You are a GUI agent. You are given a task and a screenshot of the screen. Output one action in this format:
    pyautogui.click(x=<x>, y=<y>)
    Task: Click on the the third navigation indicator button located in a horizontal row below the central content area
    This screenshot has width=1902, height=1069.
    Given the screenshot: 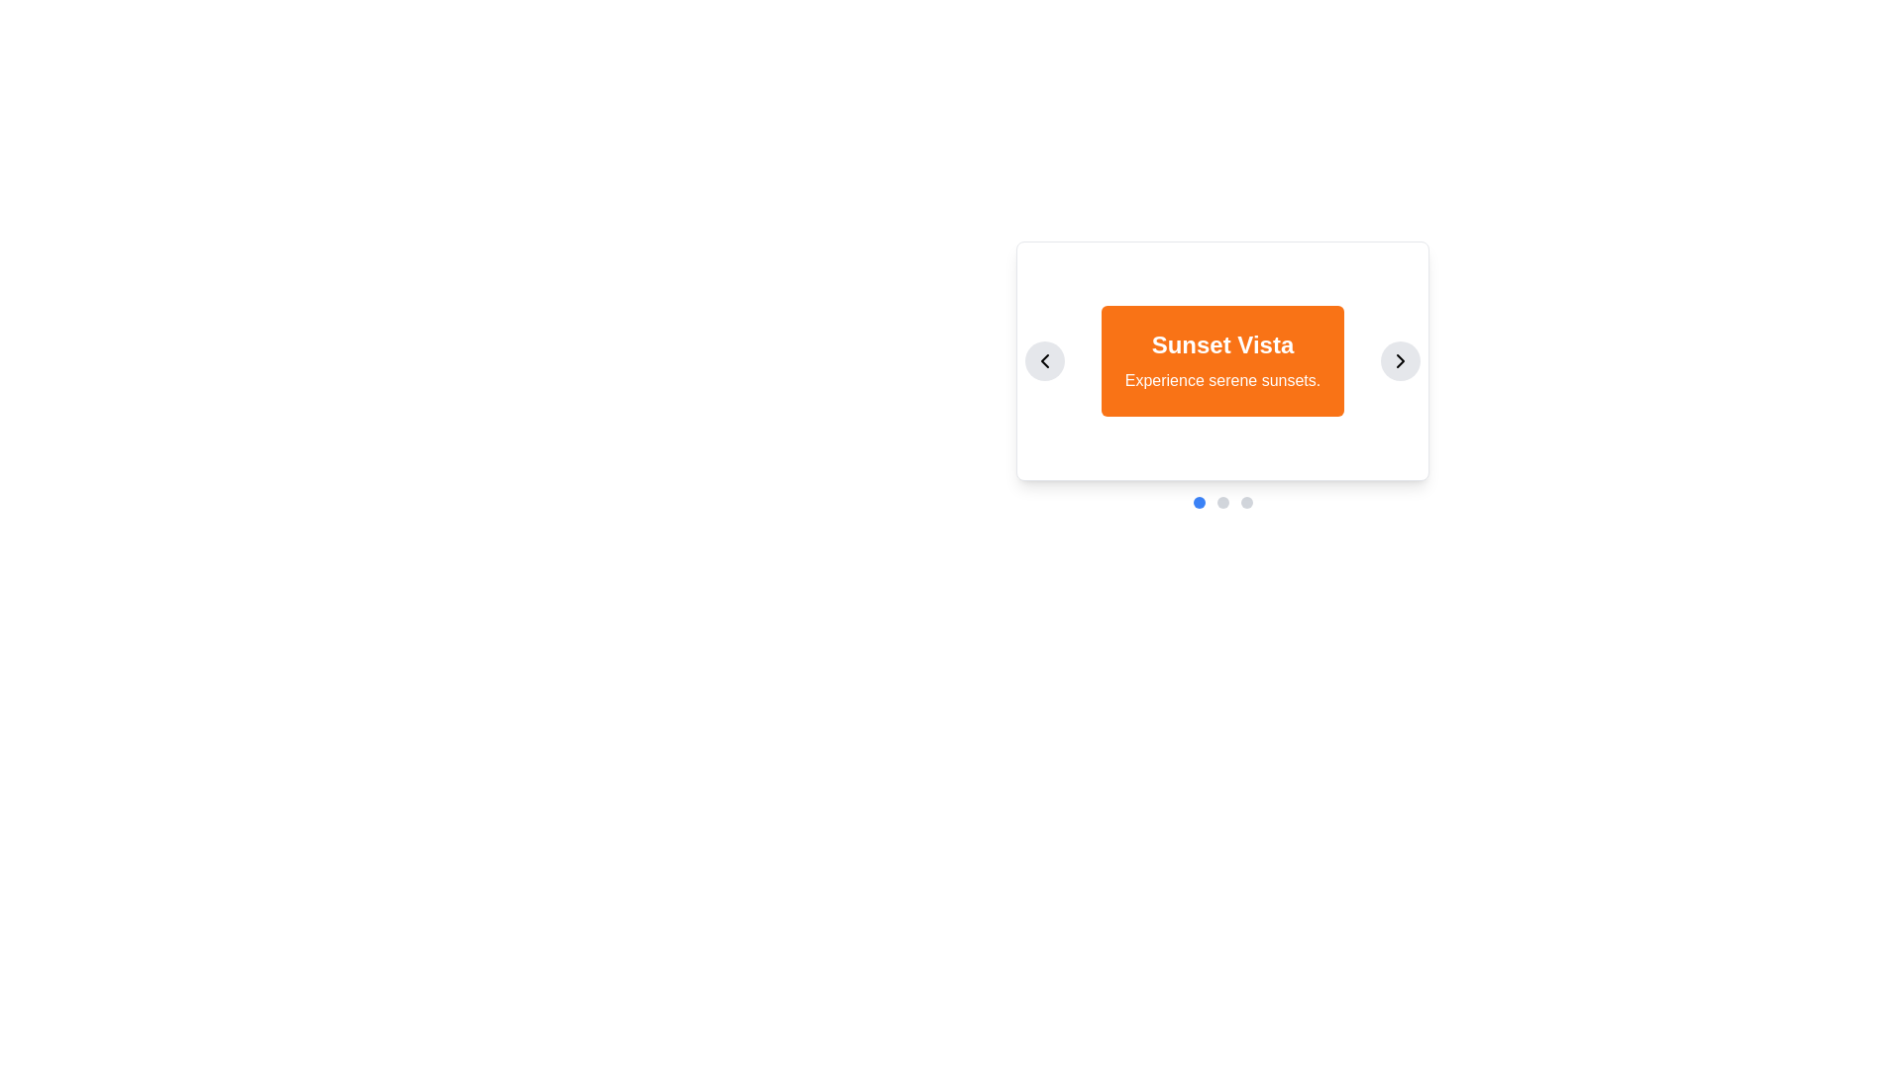 What is the action you would take?
    pyautogui.click(x=1245, y=502)
    